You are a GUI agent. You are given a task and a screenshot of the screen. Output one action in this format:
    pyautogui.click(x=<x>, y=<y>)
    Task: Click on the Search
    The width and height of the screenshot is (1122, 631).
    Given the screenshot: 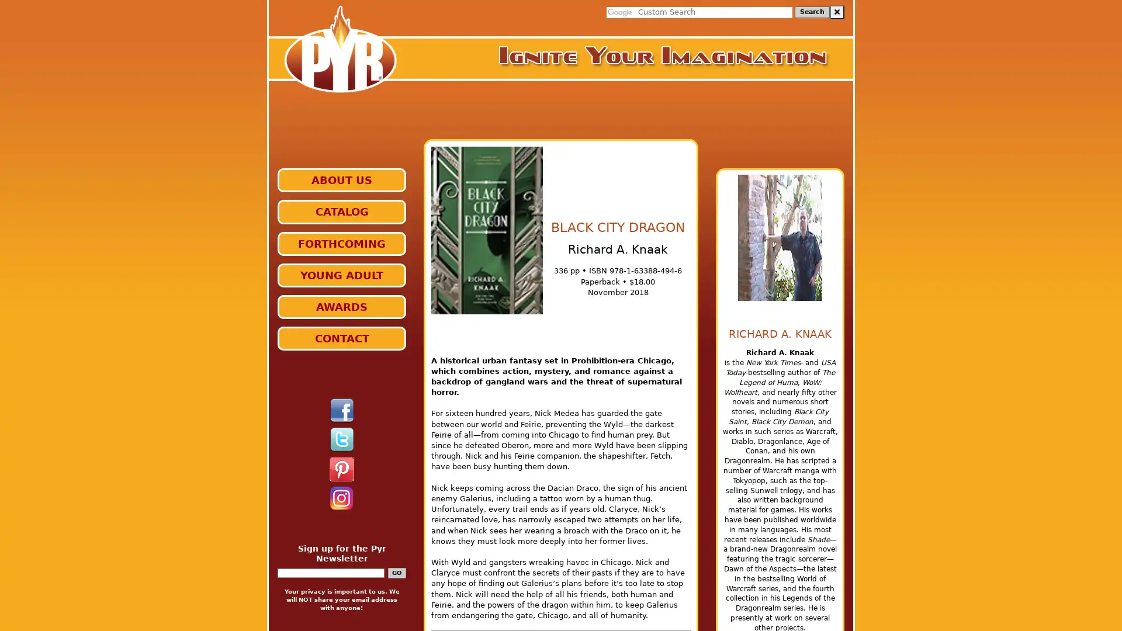 What is the action you would take?
    pyautogui.click(x=812, y=12)
    